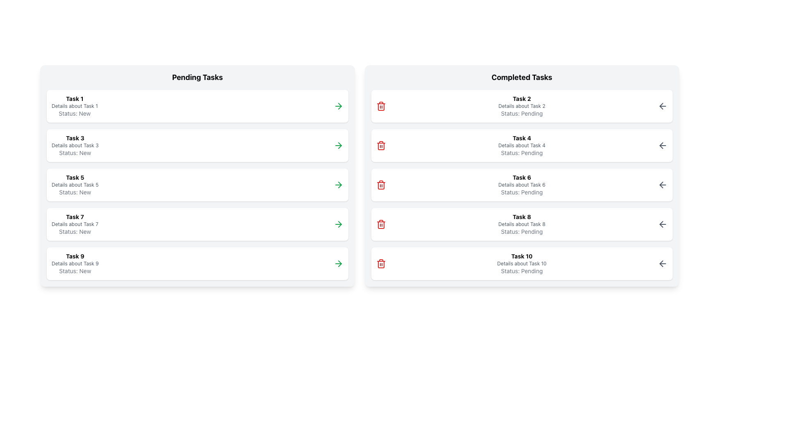  What do you see at coordinates (521, 145) in the screenshot?
I see `the descriptive text label located below the bold headline 'Task 4' in the 'Completed Tasks' column of the second task card` at bounding box center [521, 145].